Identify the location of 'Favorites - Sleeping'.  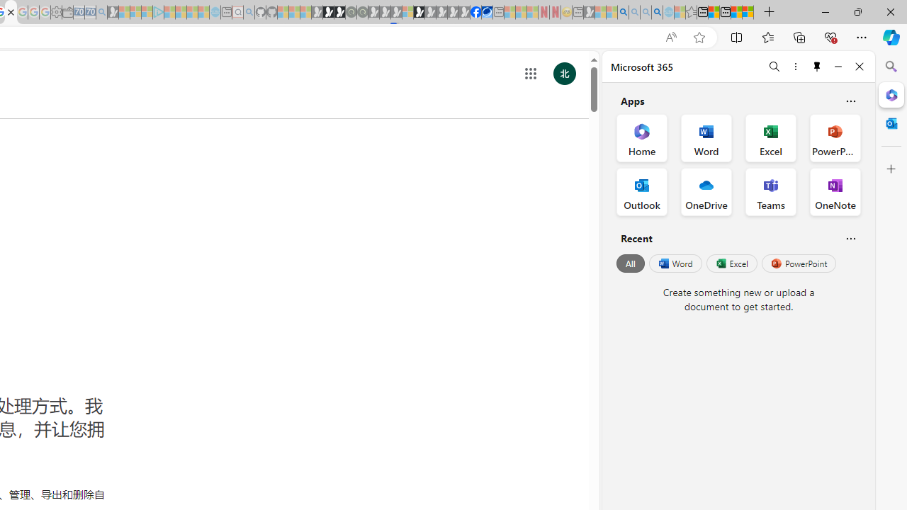
(691, 12).